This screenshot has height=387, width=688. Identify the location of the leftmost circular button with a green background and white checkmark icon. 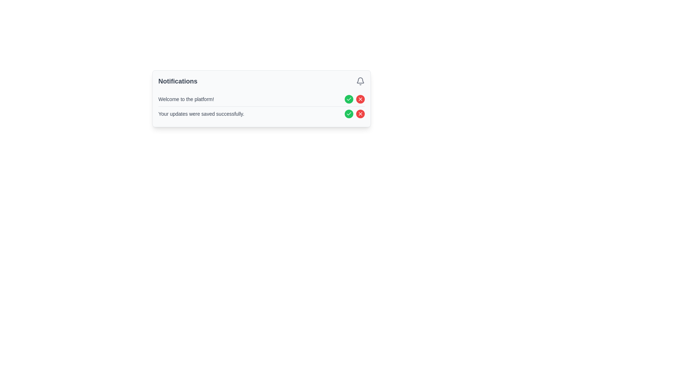
(349, 113).